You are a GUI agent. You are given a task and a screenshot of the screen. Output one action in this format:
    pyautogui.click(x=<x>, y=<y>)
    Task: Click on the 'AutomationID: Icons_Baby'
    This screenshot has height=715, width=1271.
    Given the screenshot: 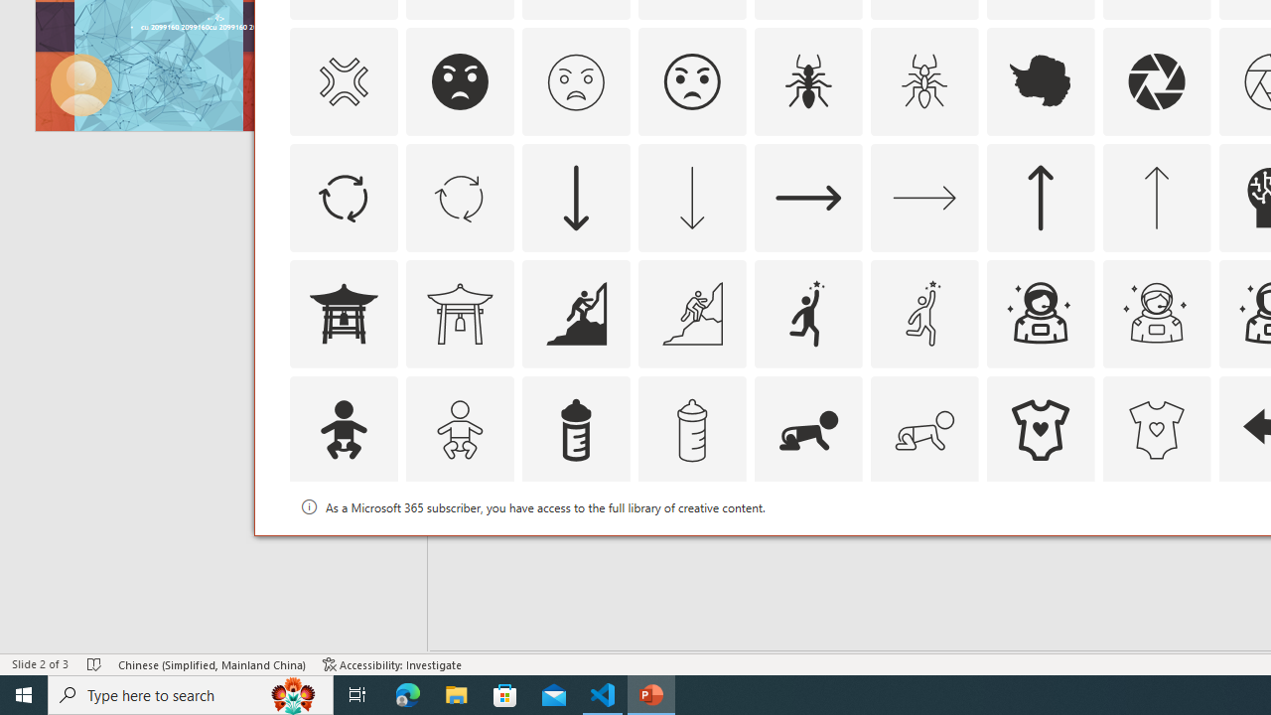 What is the action you would take?
    pyautogui.click(x=343, y=428)
    